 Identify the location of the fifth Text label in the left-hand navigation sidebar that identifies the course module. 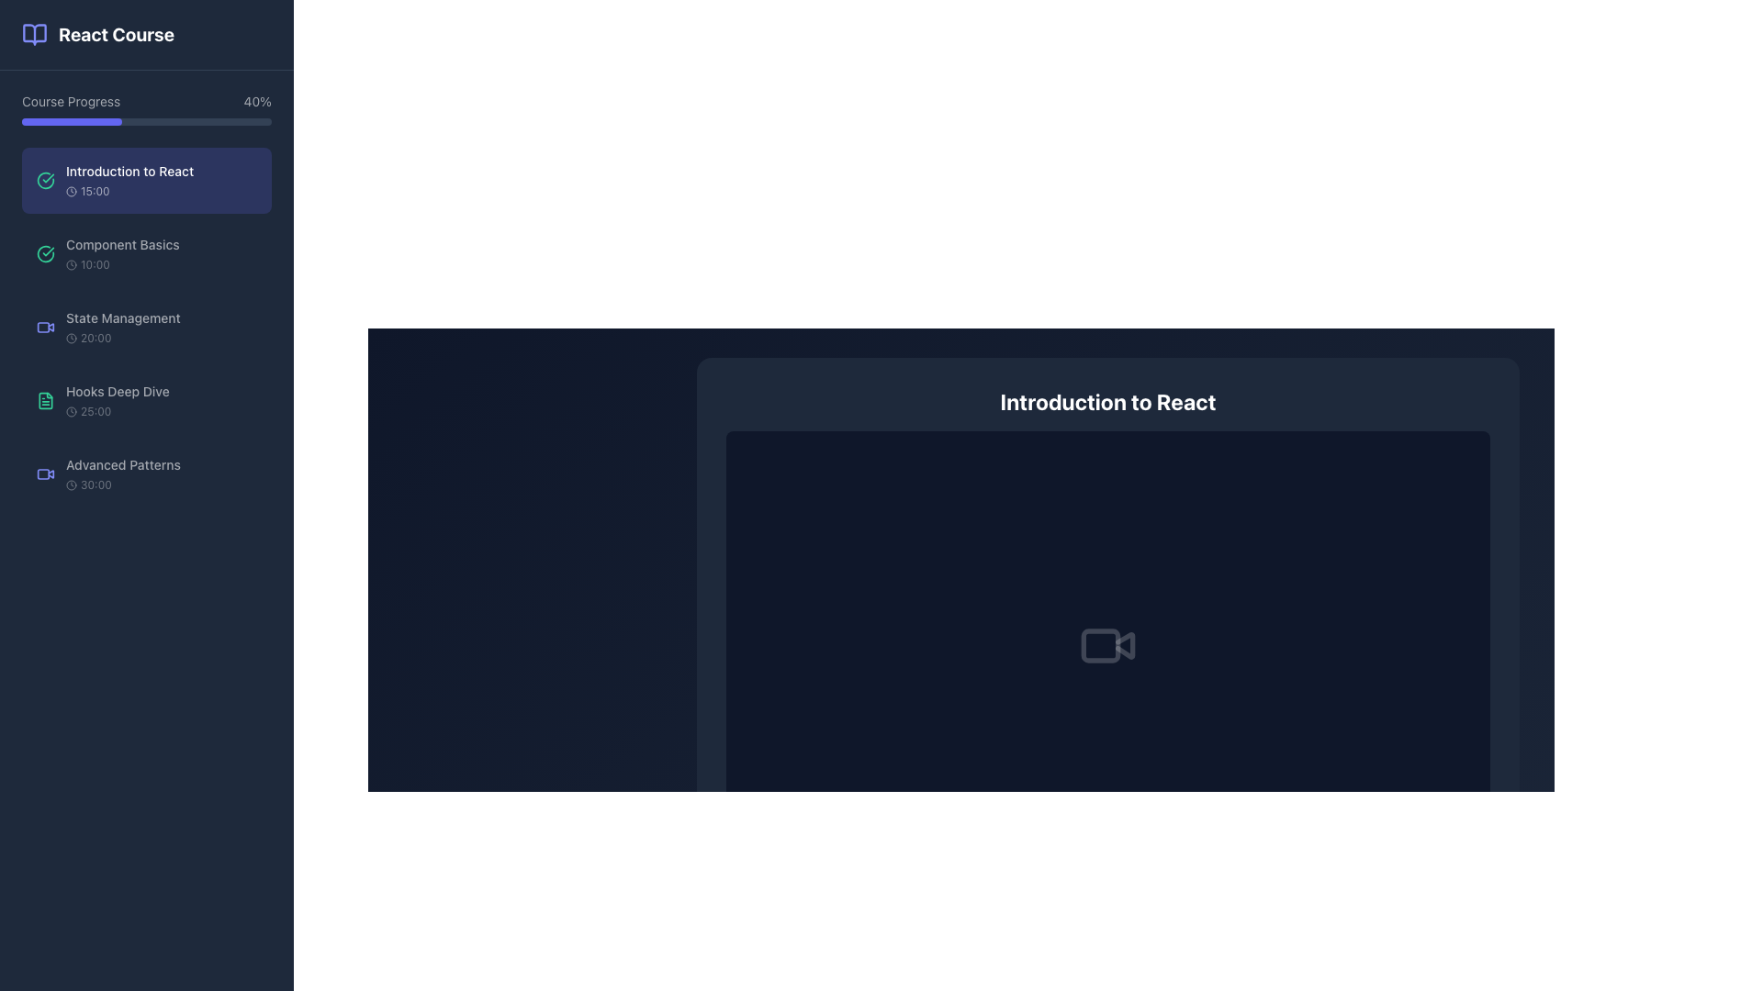
(162, 463).